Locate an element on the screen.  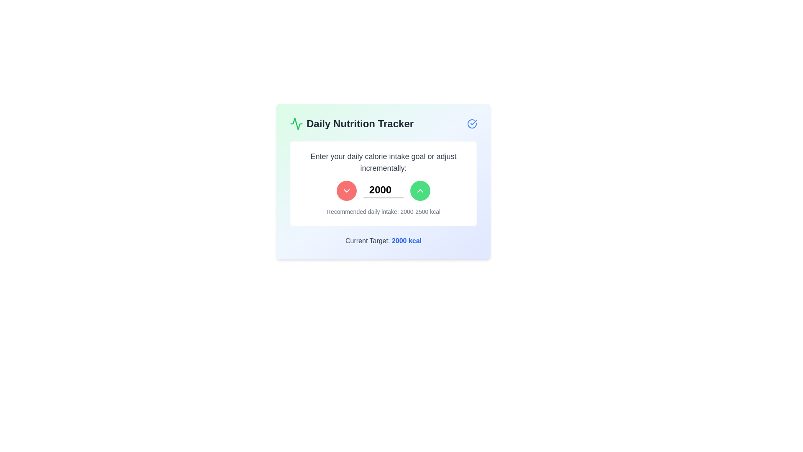
the Decorative icon located in the top-left corner of the 'Daily Nutrition Tracker' card, which serves as a logo or indicator related to activity or monitoring is located at coordinates (297, 124).